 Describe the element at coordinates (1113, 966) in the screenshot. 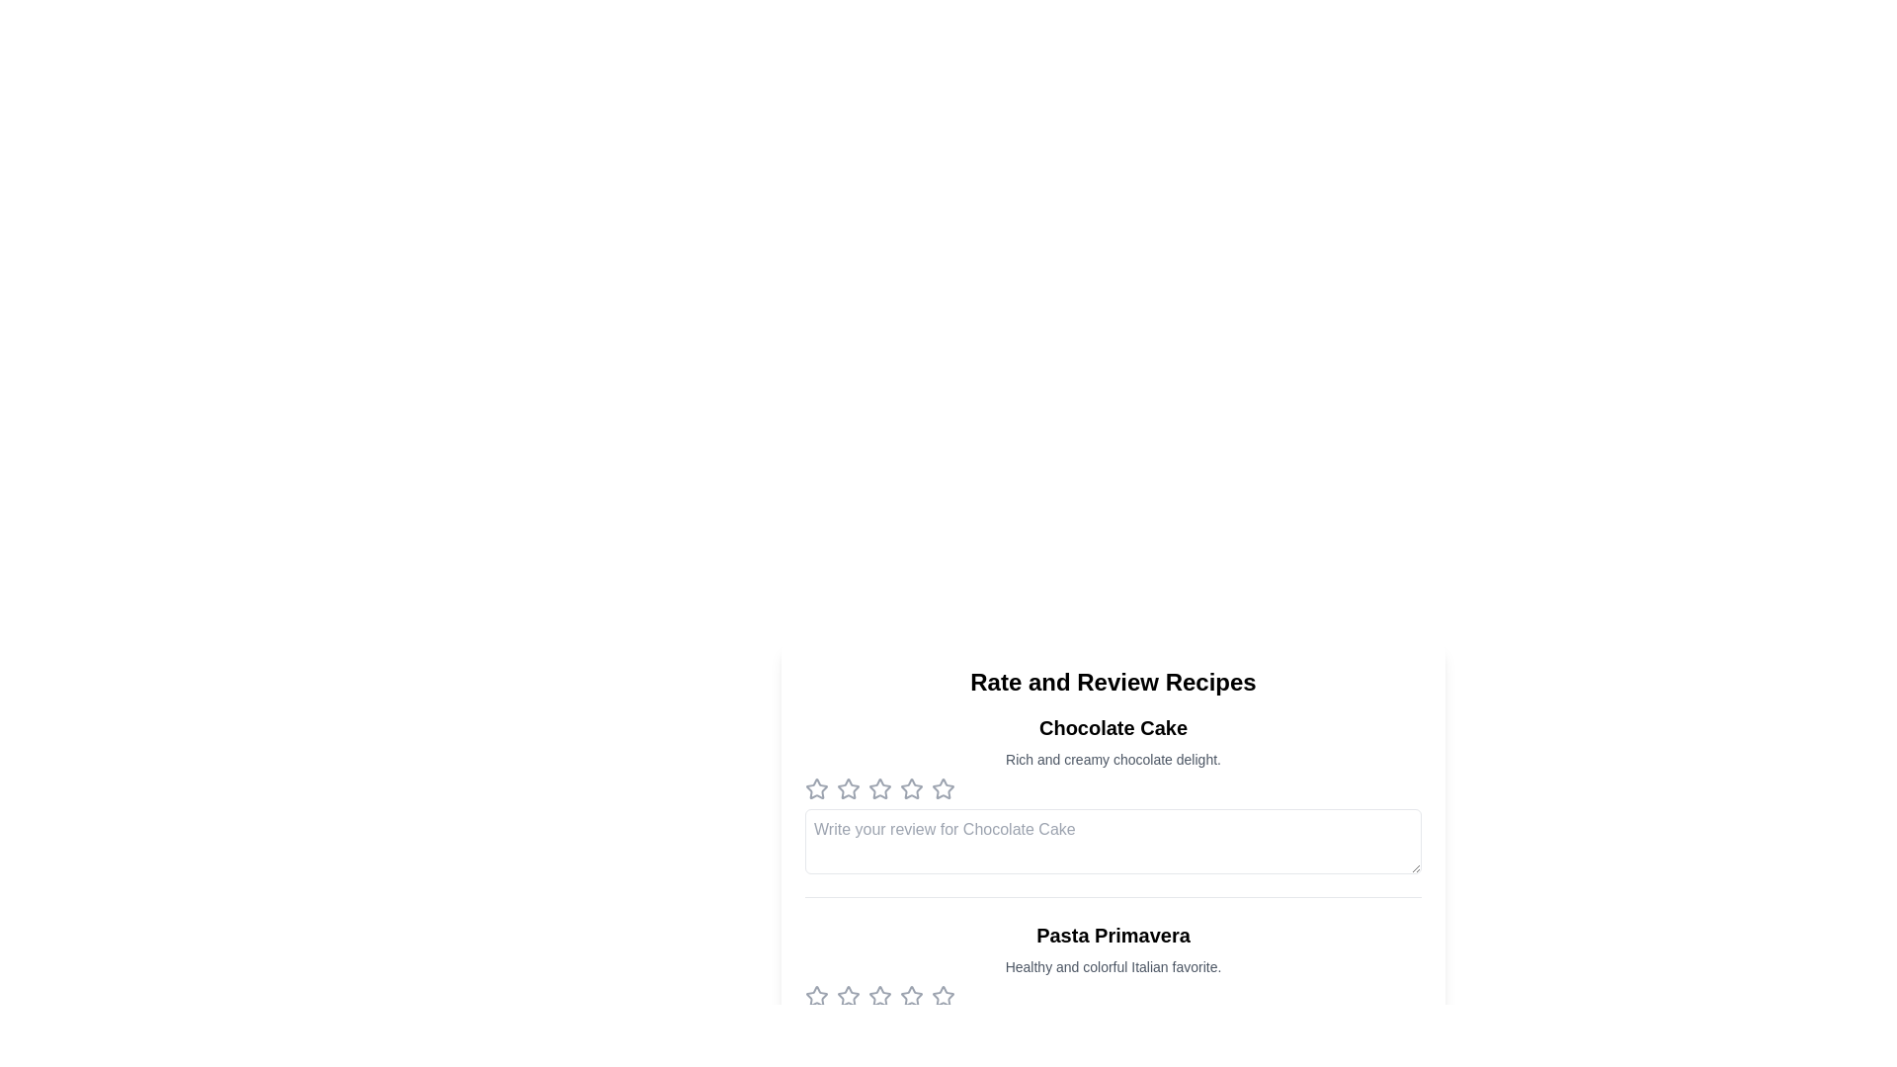

I see `the static text label reading 'Healthy and colorful Italian favorite.' which is positioned directly below the 'Pasta Primavera' title text` at that location.